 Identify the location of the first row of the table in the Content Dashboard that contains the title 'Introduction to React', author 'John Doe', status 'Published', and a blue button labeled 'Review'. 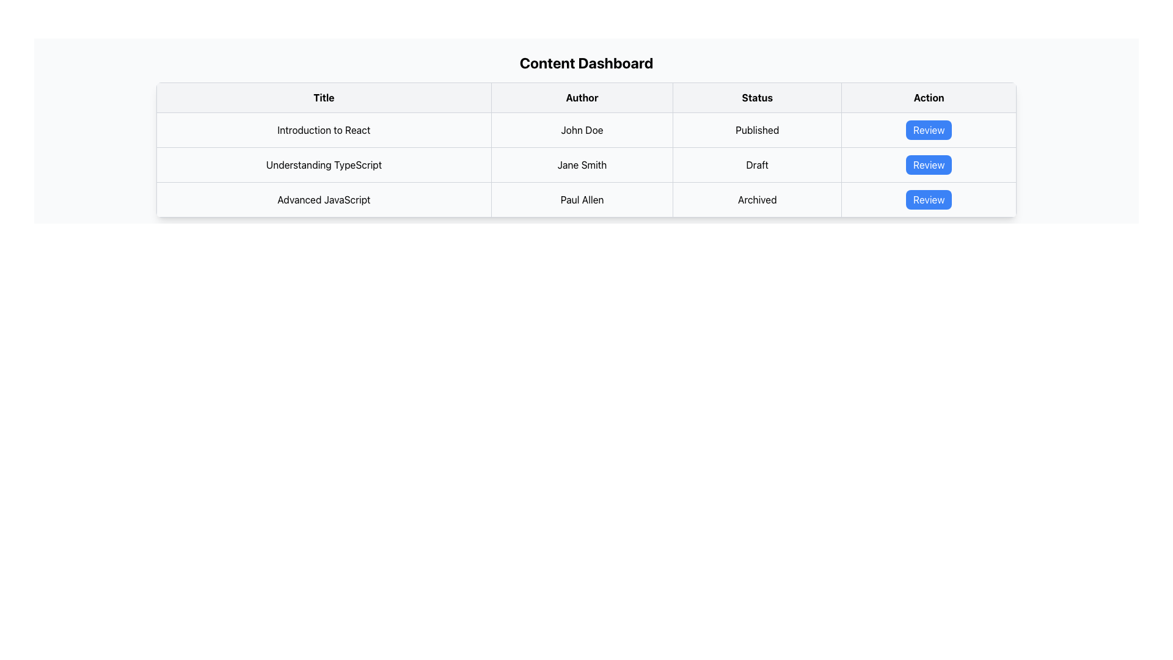
(586, 130).